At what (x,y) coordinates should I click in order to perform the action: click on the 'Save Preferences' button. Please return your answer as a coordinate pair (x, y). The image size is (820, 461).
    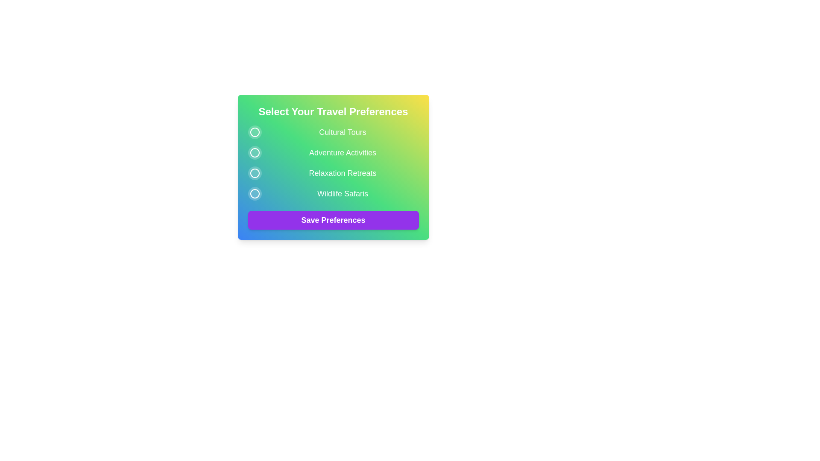
    Looking at the image, I should click on (333, 220).